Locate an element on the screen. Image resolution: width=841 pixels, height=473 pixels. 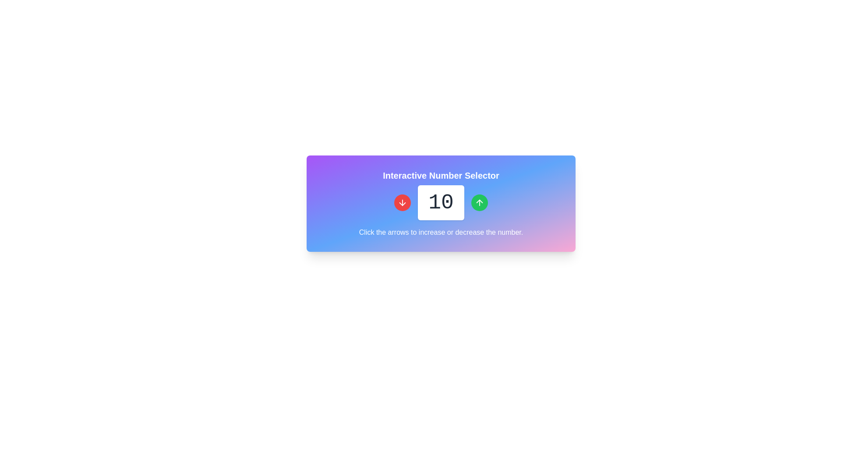
the red downward arrow button on the left is located at coordinates (402, 202).